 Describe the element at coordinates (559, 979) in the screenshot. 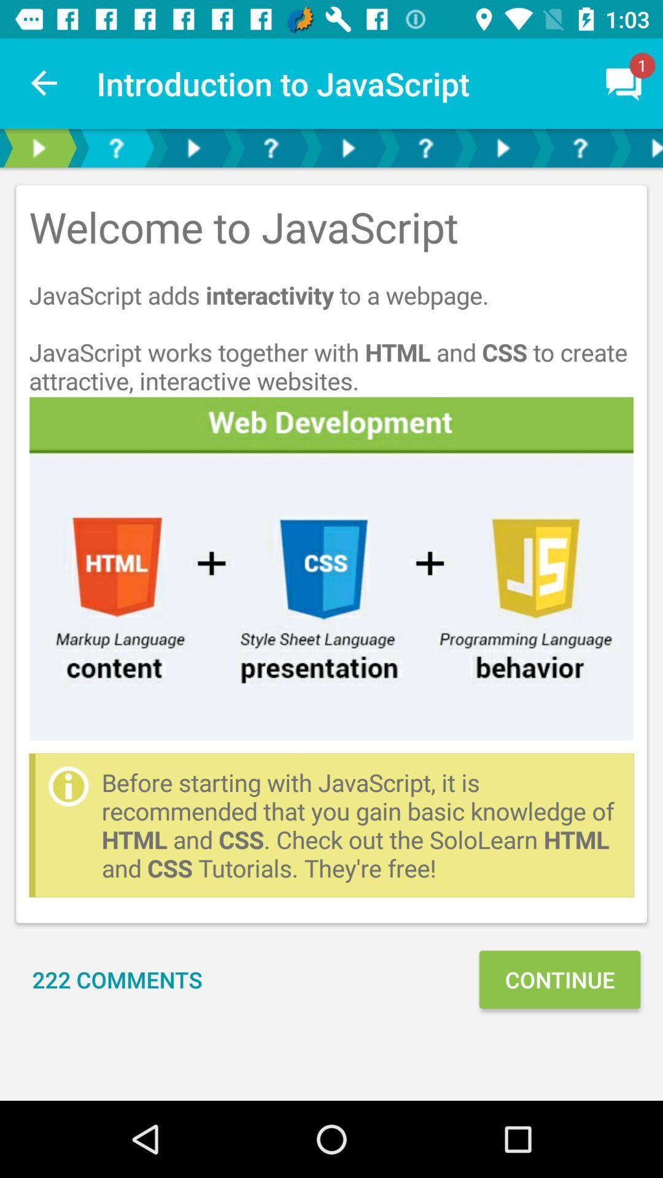

I see `the continue icon` at that location.